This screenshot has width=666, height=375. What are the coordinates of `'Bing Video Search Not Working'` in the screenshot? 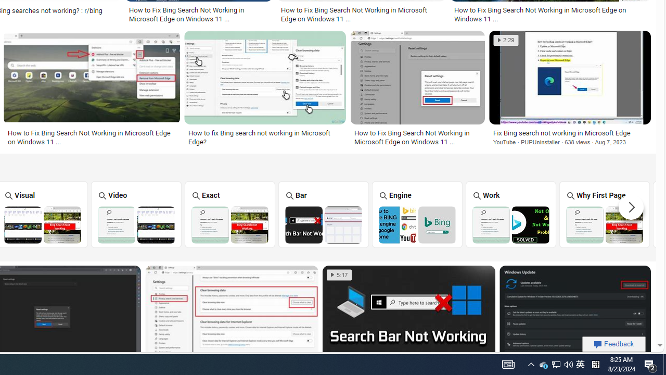 It's located at (136, 224).